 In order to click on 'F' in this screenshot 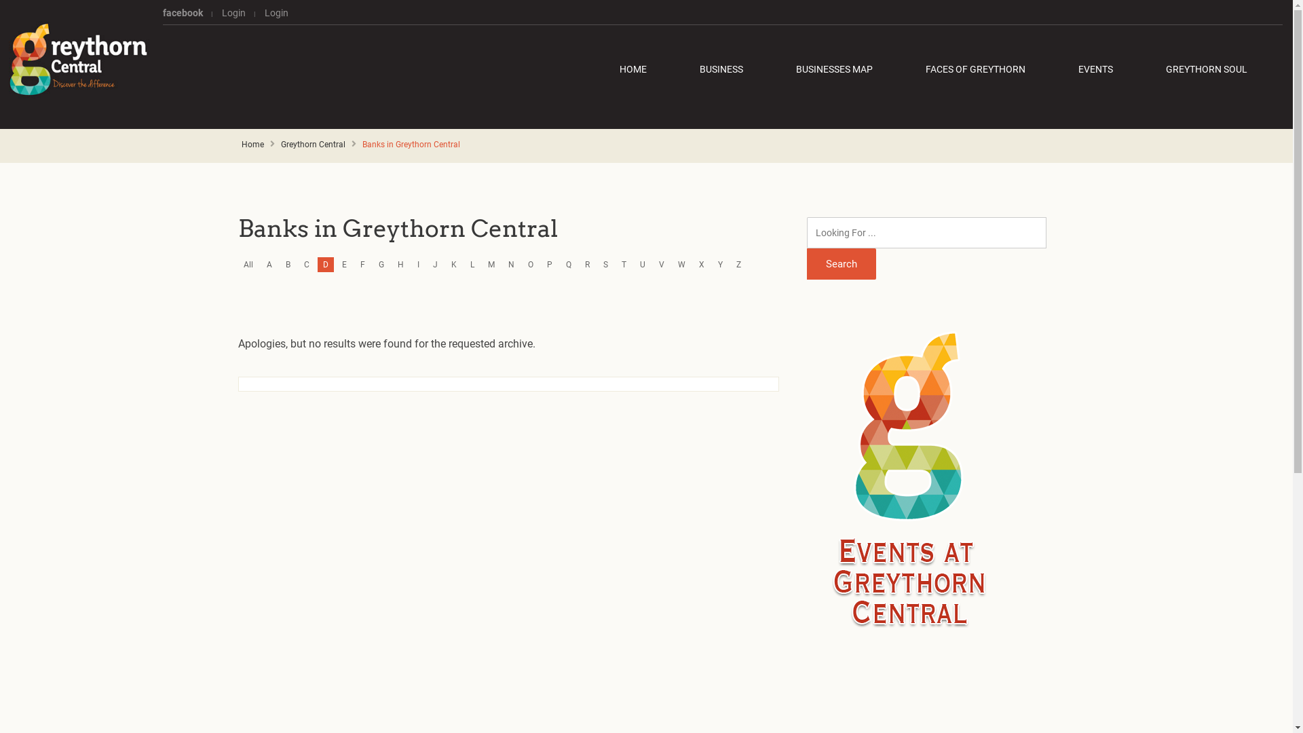, I will do `click(362, 264)`.